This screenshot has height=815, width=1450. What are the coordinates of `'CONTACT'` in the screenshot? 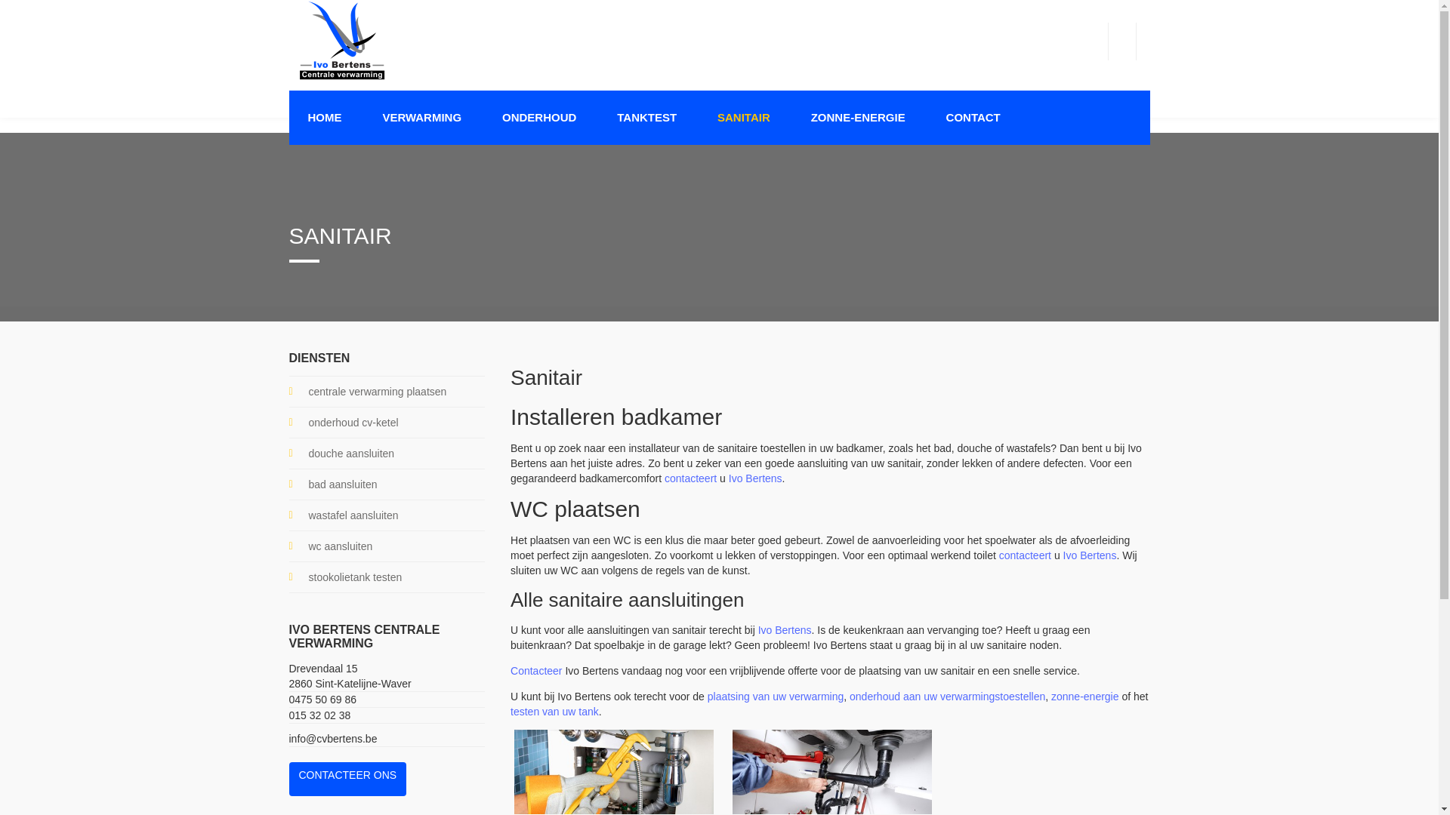 It's located at (973, 116).